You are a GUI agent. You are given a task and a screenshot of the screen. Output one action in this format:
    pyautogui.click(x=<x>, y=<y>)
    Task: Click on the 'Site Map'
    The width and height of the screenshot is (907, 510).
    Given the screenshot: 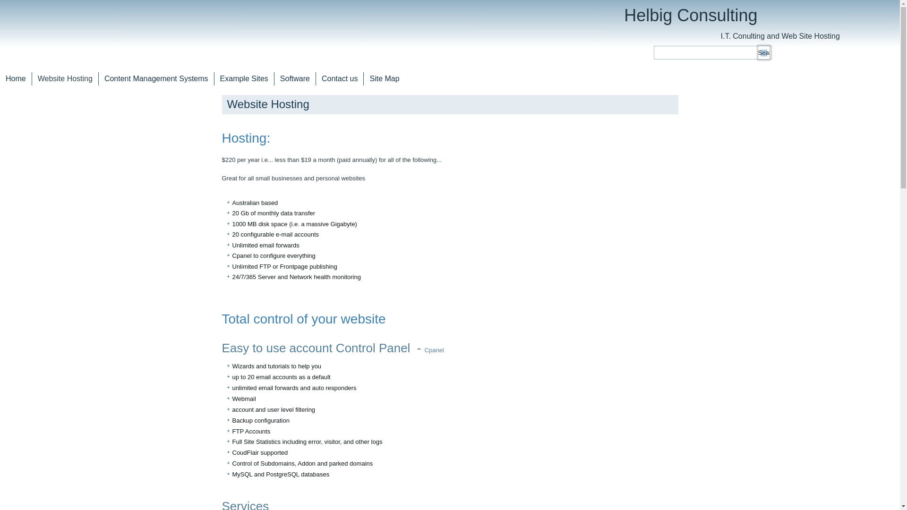 What is the action you would take?
    pyautogui.click(x=363, y=78)
    